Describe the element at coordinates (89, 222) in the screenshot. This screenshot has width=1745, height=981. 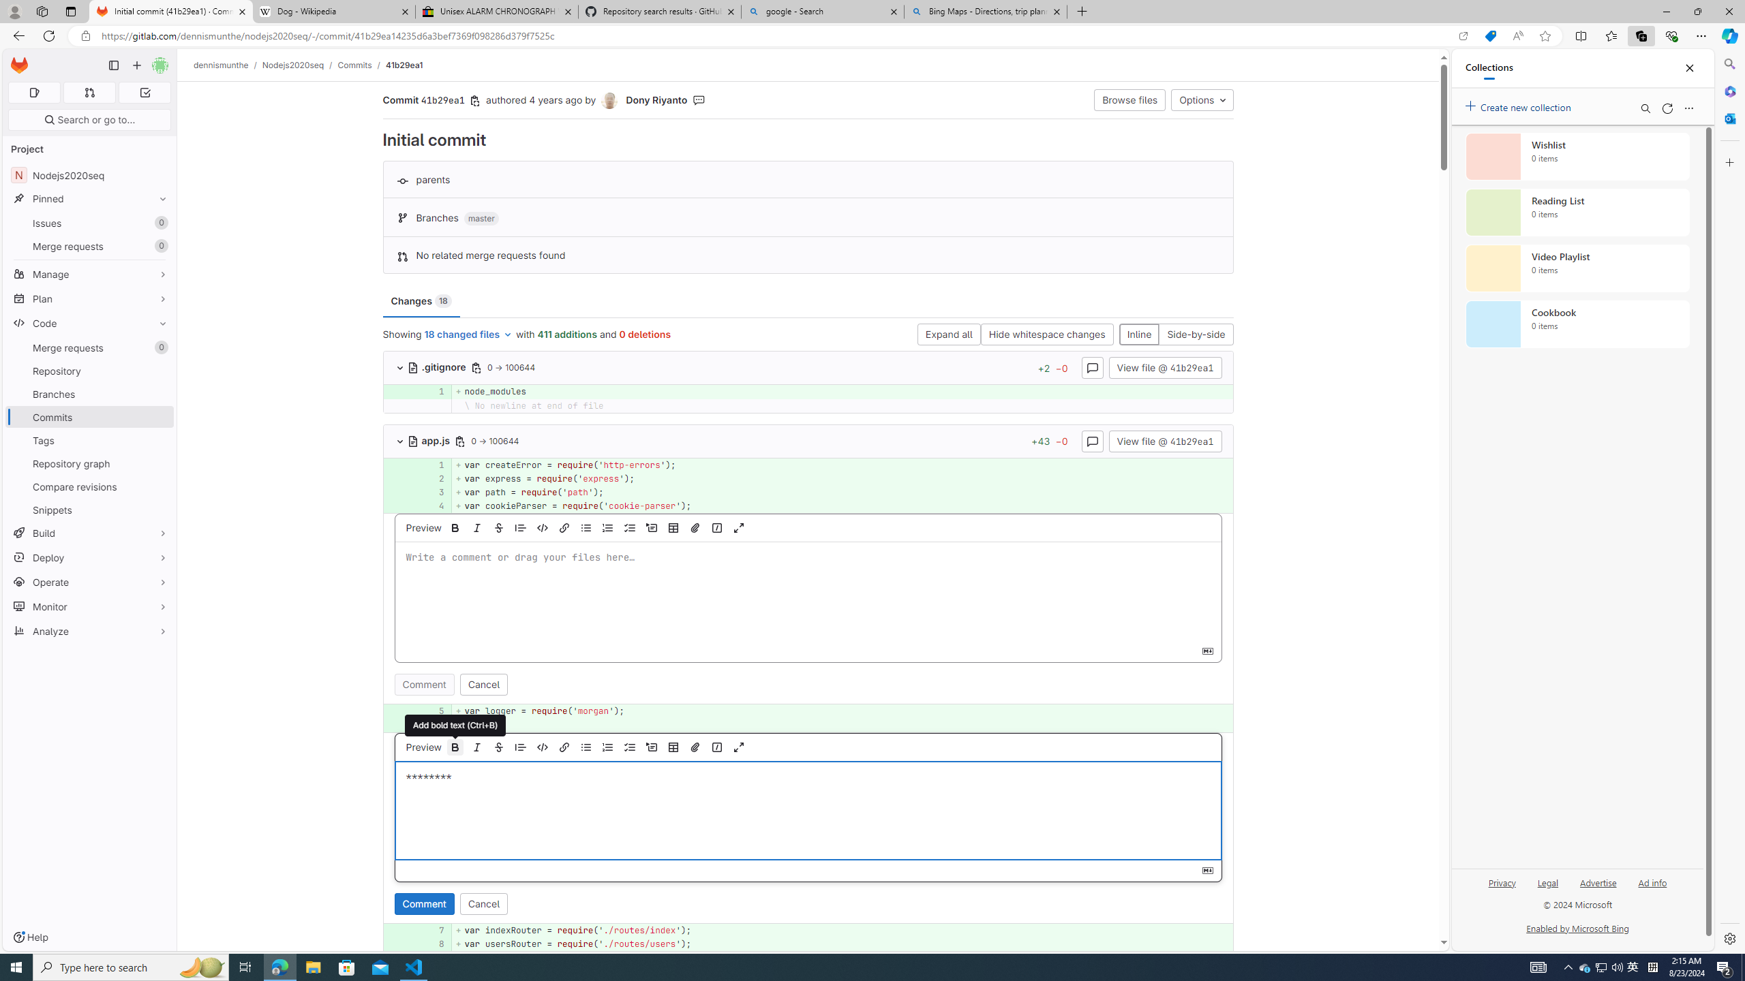
I see `'Issues0'` at that location.